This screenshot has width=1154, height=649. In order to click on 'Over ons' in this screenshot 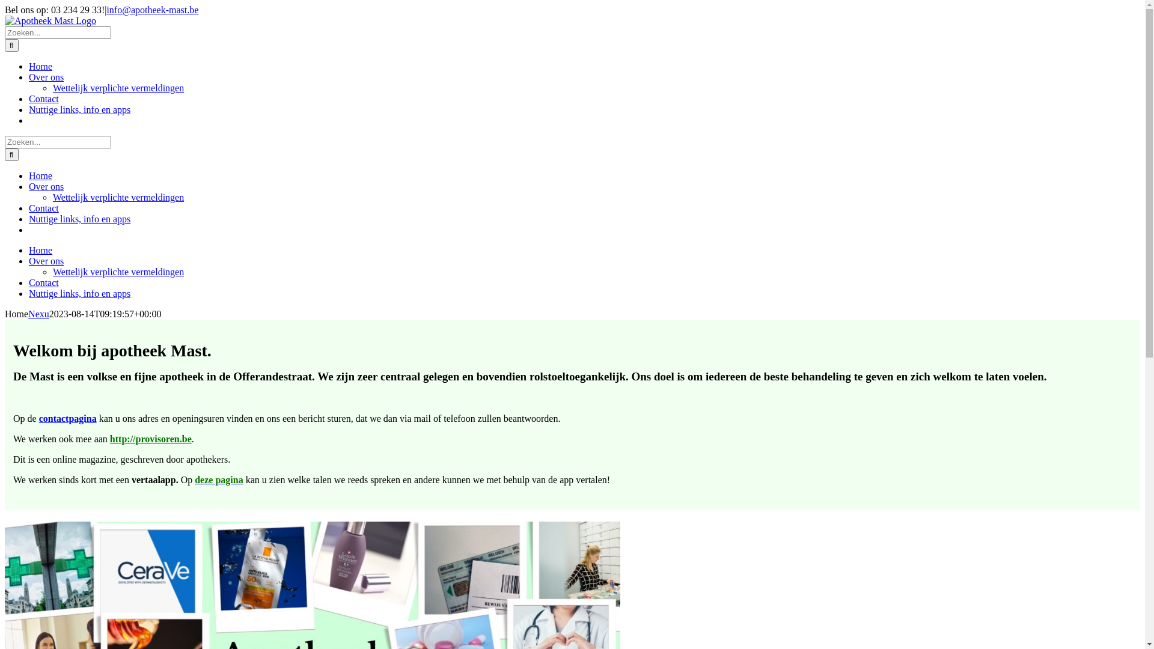, I will do `click(29, 186)`.